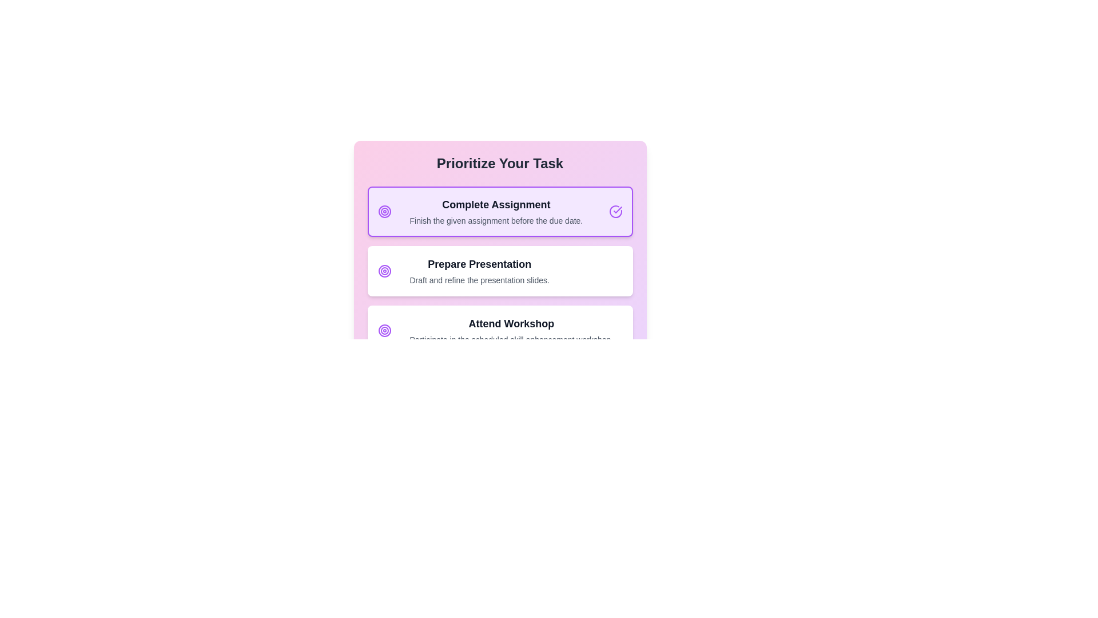 The height and width of the screenshot is (618, 1098). I want to click on displayed text on the Informational card titled 'Attend Workshop', which includes the description 'Participate in the scheduled skill enhancement workshop.', so click(511, 331).